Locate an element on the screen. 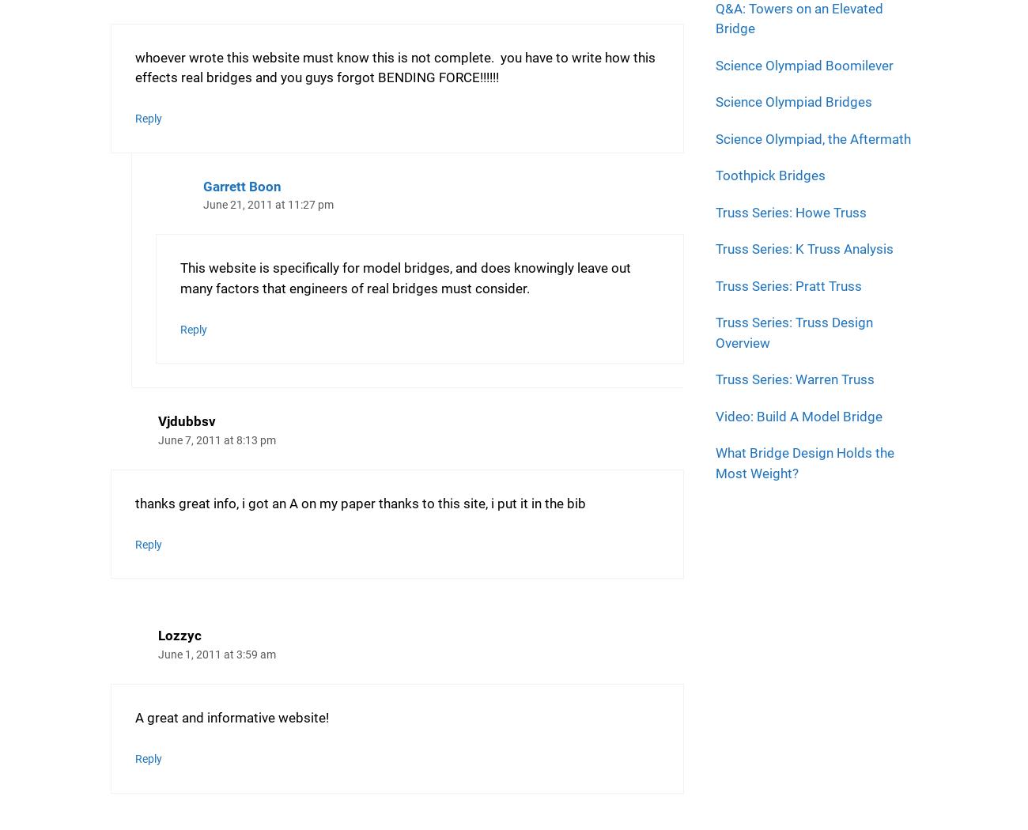 This screenshot has width=1028, height=830. 'Toothpick Bridges' is located at coordinates (770, 174).